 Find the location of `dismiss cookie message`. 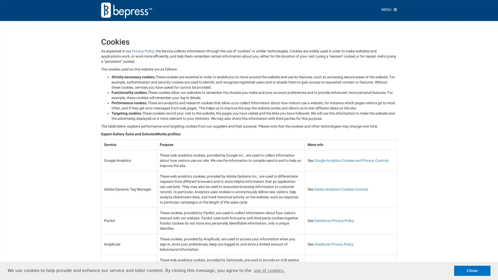

dismiss cookie message is located at coordinates (472, 270).